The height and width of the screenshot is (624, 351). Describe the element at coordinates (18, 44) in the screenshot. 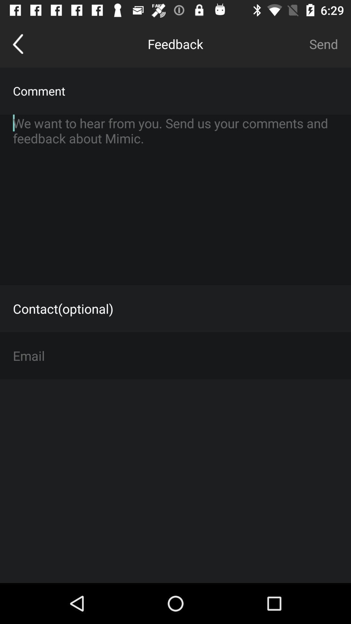

I see `the item next to feedback` at that location.